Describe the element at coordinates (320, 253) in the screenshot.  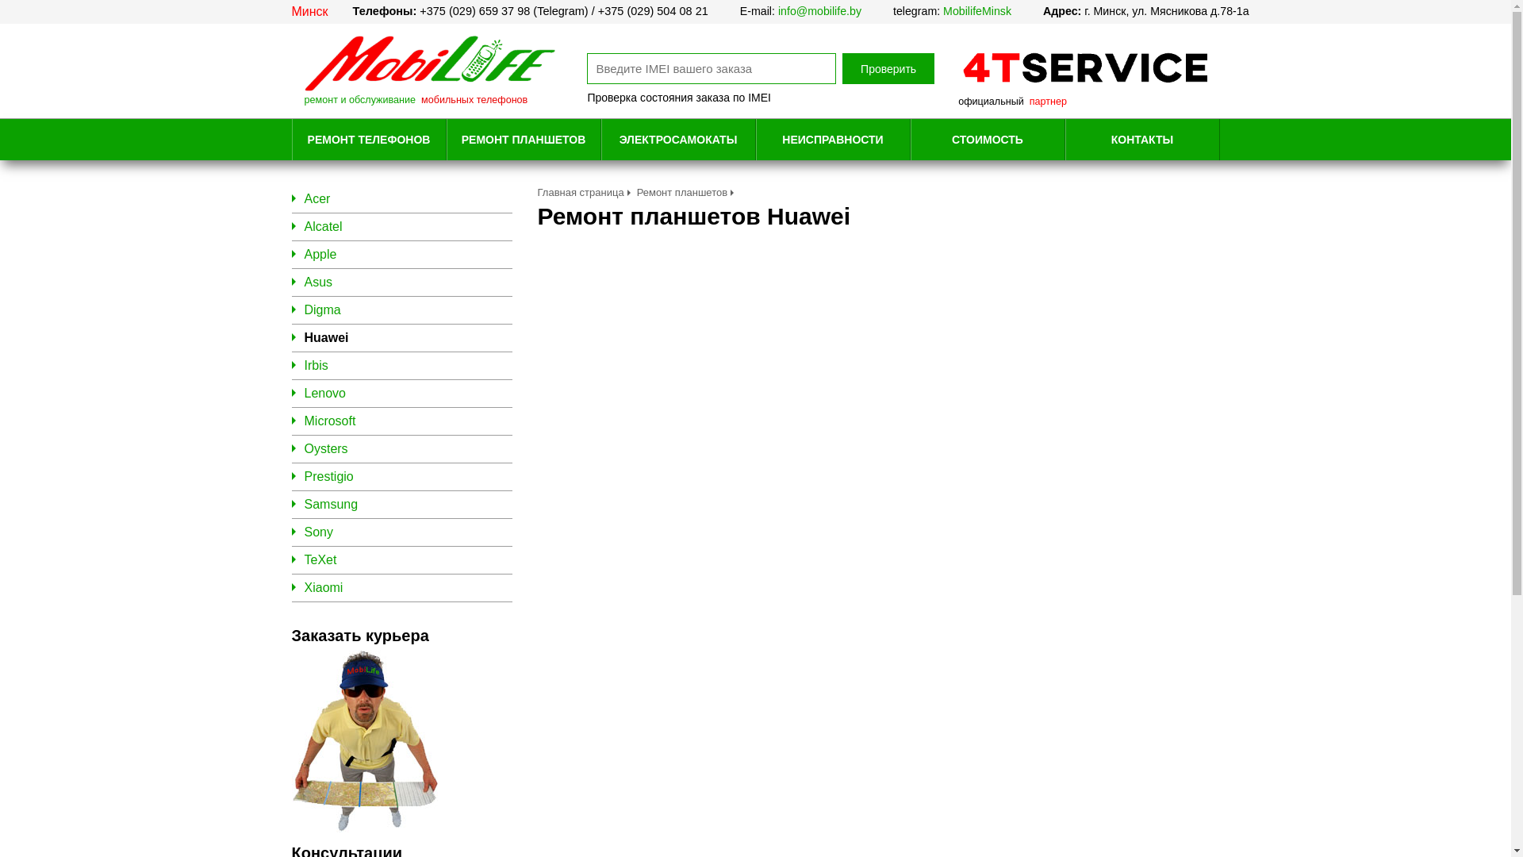
I see `'Apple'` at that location.